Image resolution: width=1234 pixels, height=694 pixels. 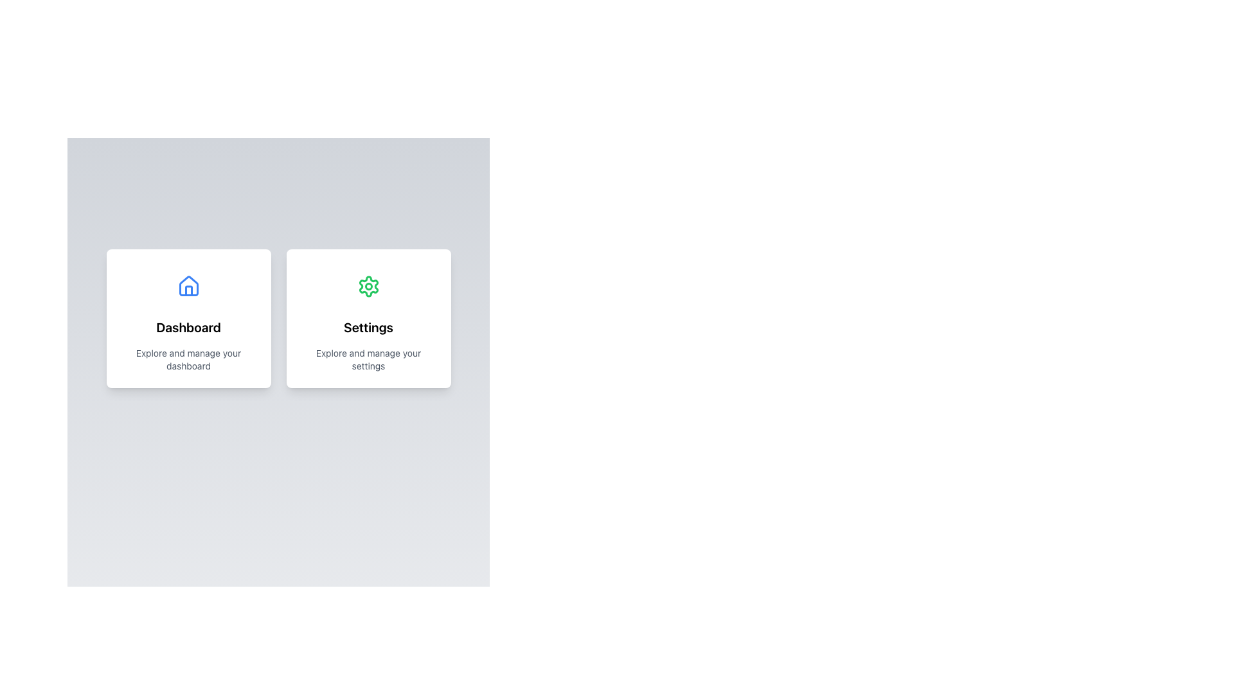 What do you see at coordinates (368, 286) in the screenshot?
I see `the 'Settings' graphical icon, which resembles a cogwheel and is located above the 'Settings' label in the 'Settings' card` at bounding box center [368, 286].